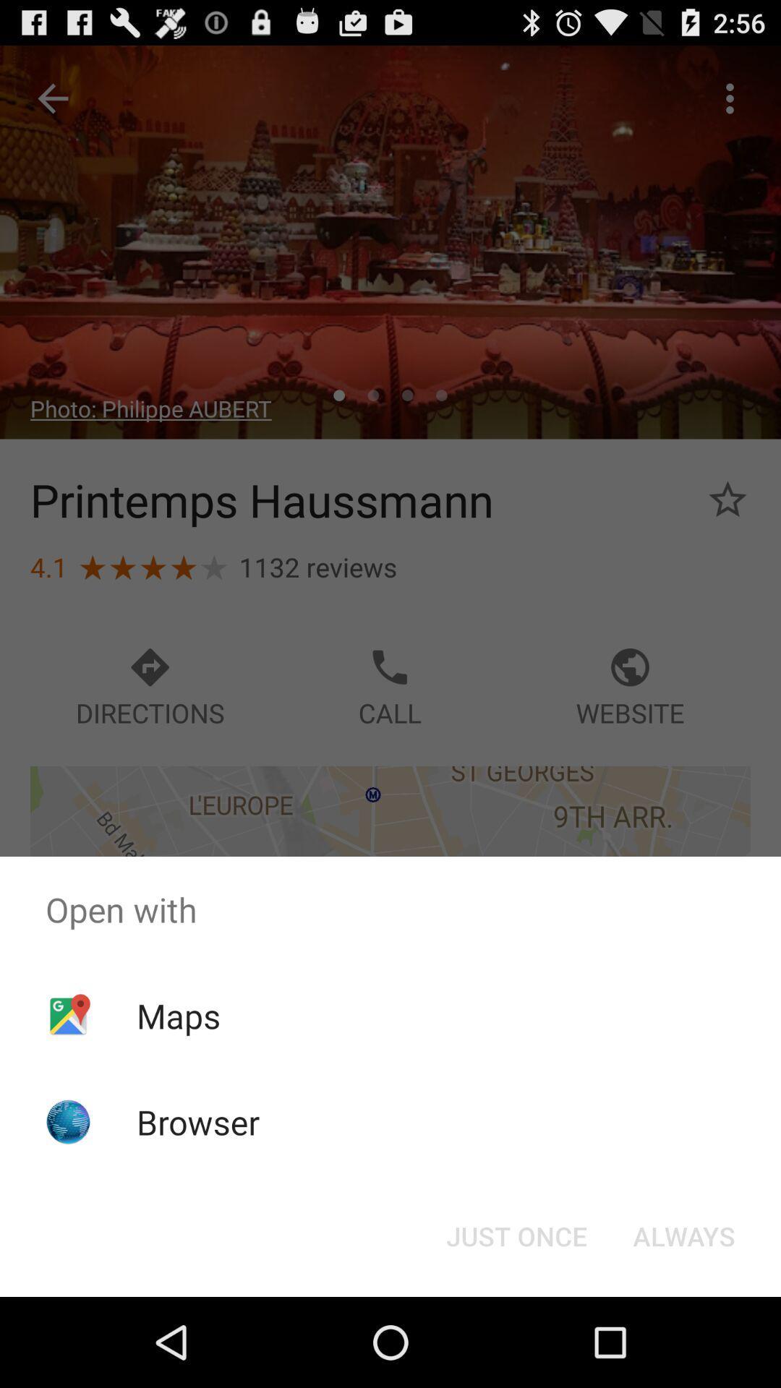  What do you see at coordinates (683, 1235) in the screenshot?
I see `the always at the bottom right corner` at bounding box center [683, 1235].